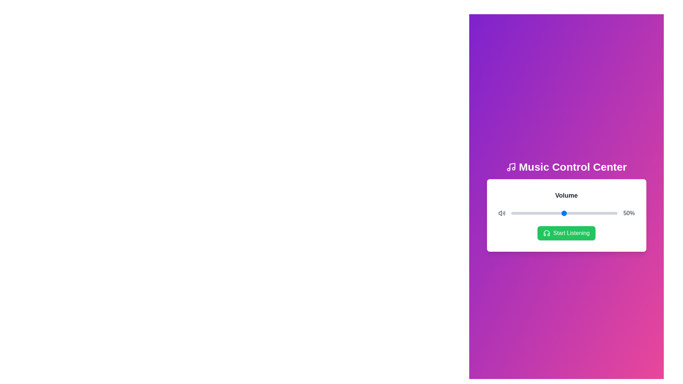 The height and width of the screenshot is (384, 683). What do you see at coordinates (547, 213) in the screenshot?
I see `the volume slider to 34%` at bounding box center [547, 213].